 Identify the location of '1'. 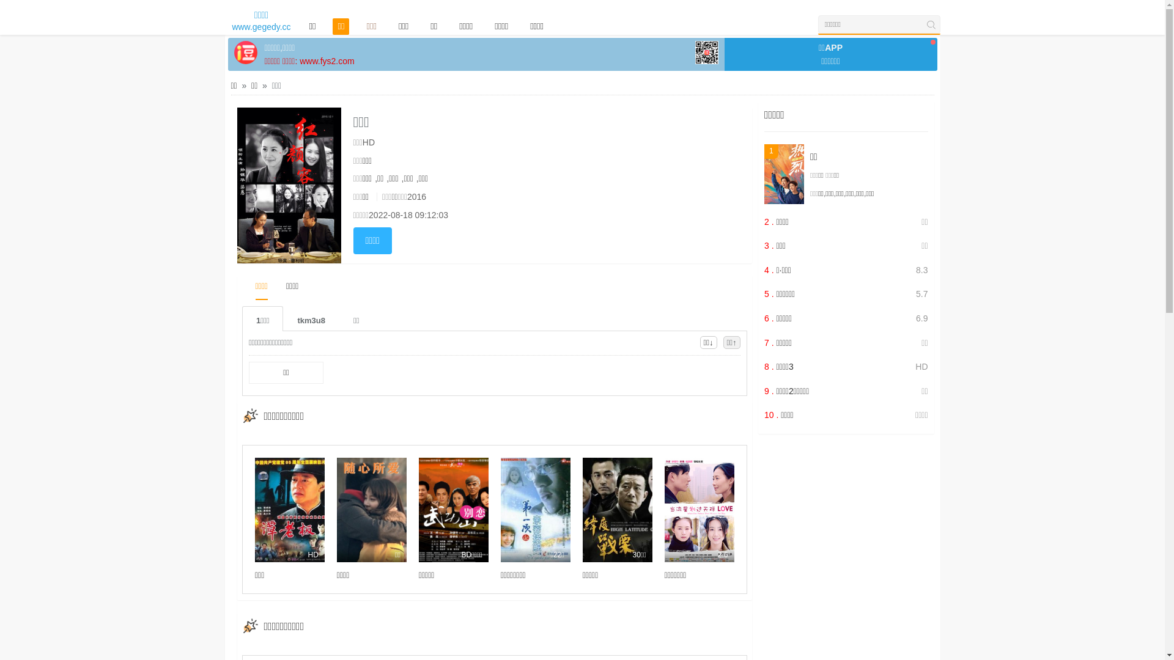
(784, 174).